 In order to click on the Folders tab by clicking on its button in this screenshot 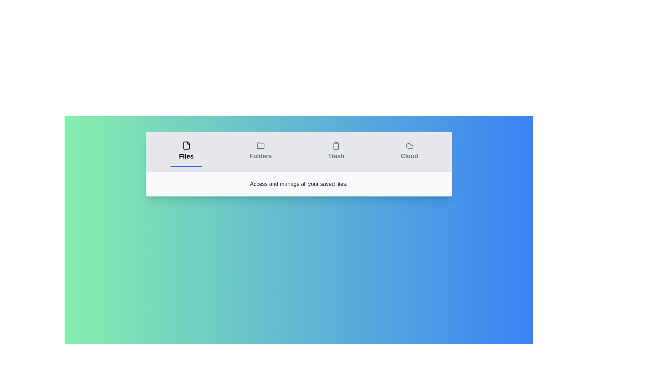, I will do `click(260, 151)`.